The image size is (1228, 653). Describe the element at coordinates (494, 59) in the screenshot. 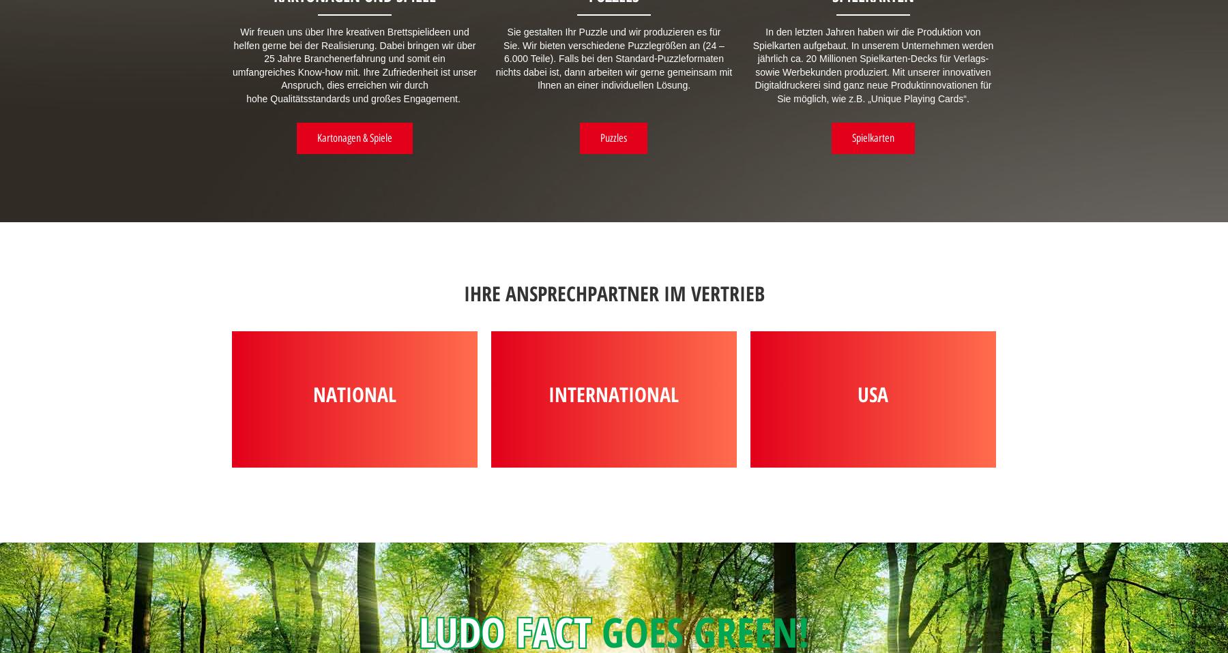

I see `'Sie gestalten Ihr Puzzle und wir produzieren es für Sie. Wir bieten verschiedene Puzzlegrößen an (24 – 6.000 Teile). Falls bei den Standard-Puzzleformaten nichts dabei ist, dann arbeiten wir gerne gemeinsam mit Ihnen an einer individuellen Lösung.'` at that location.